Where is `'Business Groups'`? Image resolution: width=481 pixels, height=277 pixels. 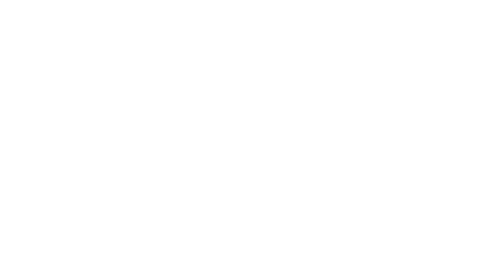
'Business Groups' is located at coordinates (325, 12).